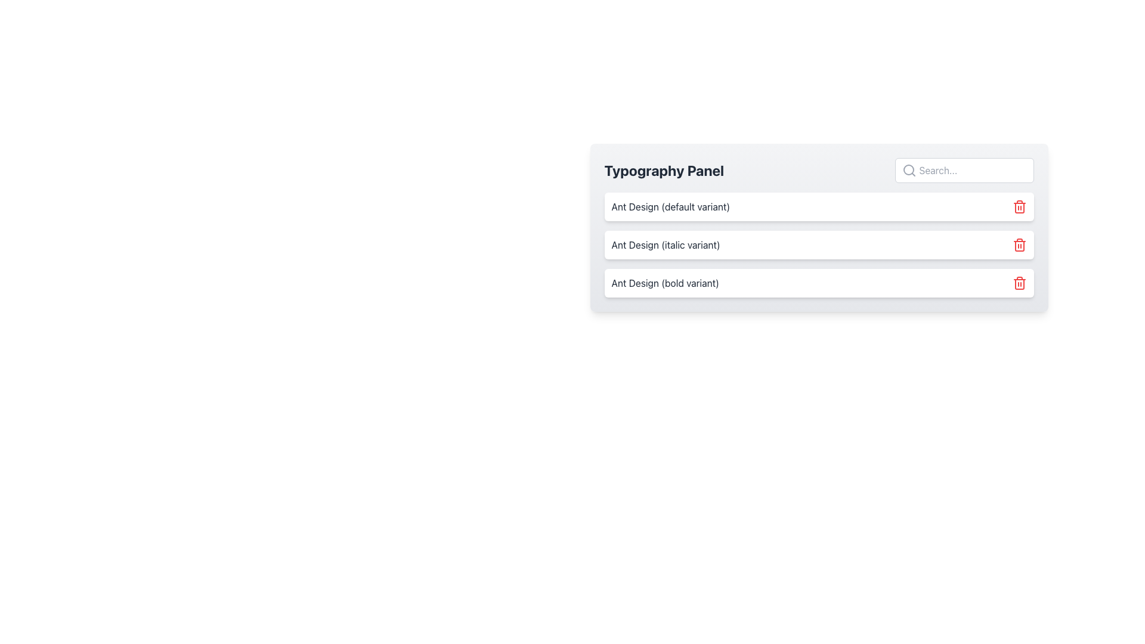 The height and width of the screenshot is (644, 1145). Describe the element at coordinates (818, 247) in the screenshot. I see `the 'italic variant' list item in the Typography Panel` at that location.